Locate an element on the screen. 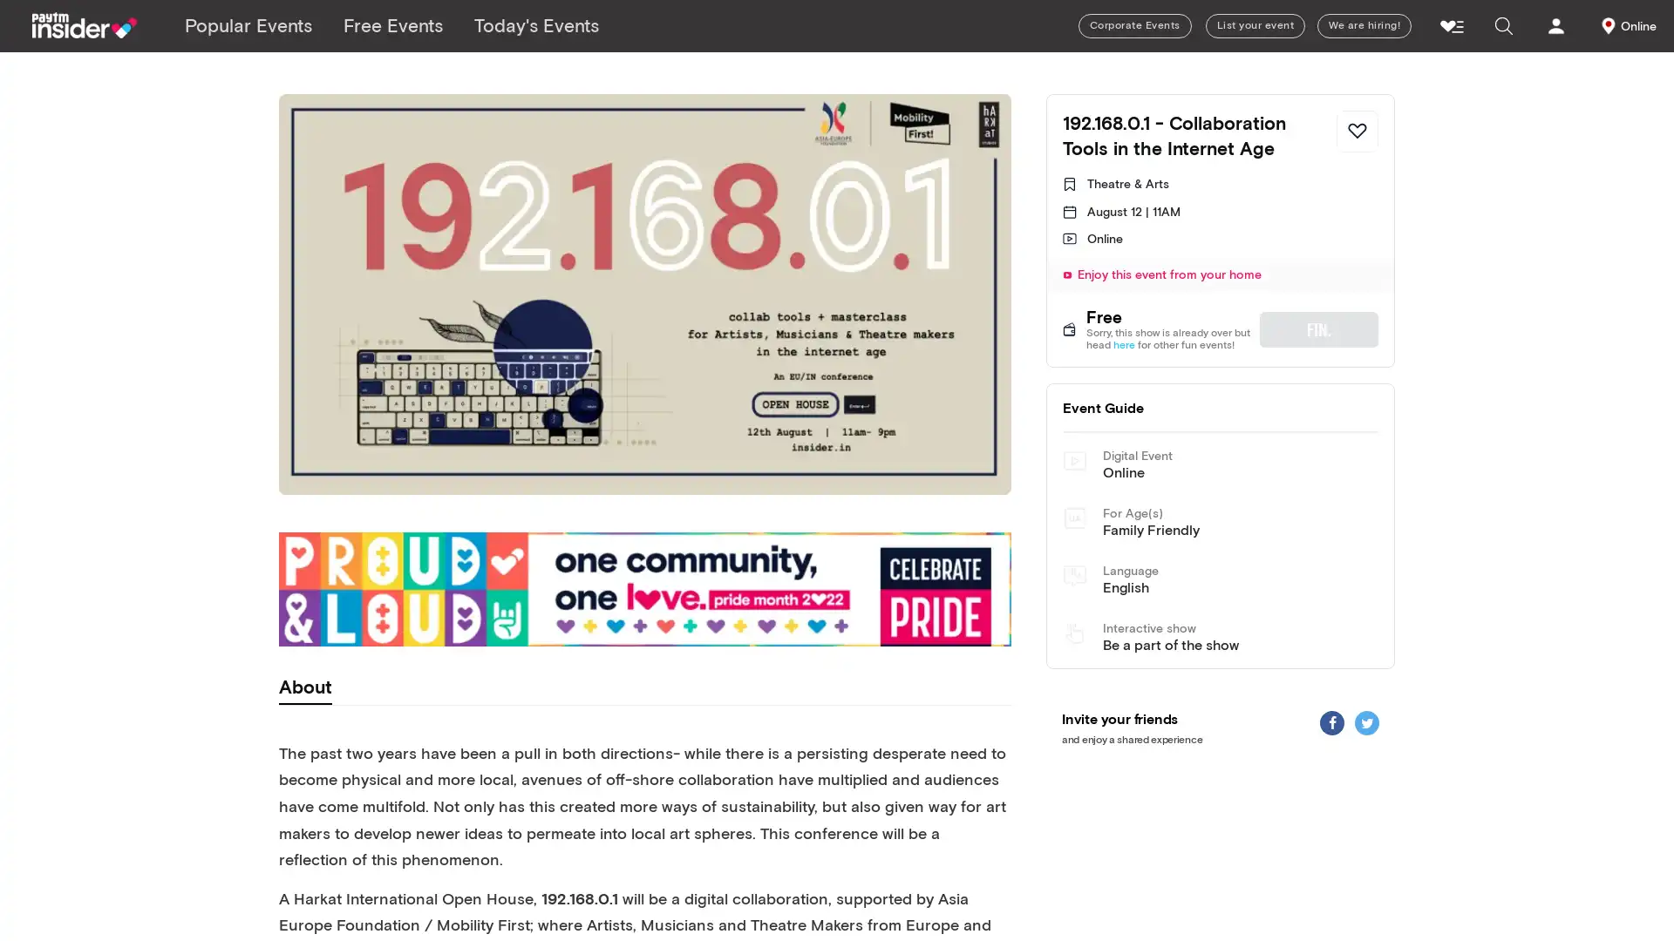 This screenshot has height=941, width=1674. FIN. is located at coordinates (1318, 328).